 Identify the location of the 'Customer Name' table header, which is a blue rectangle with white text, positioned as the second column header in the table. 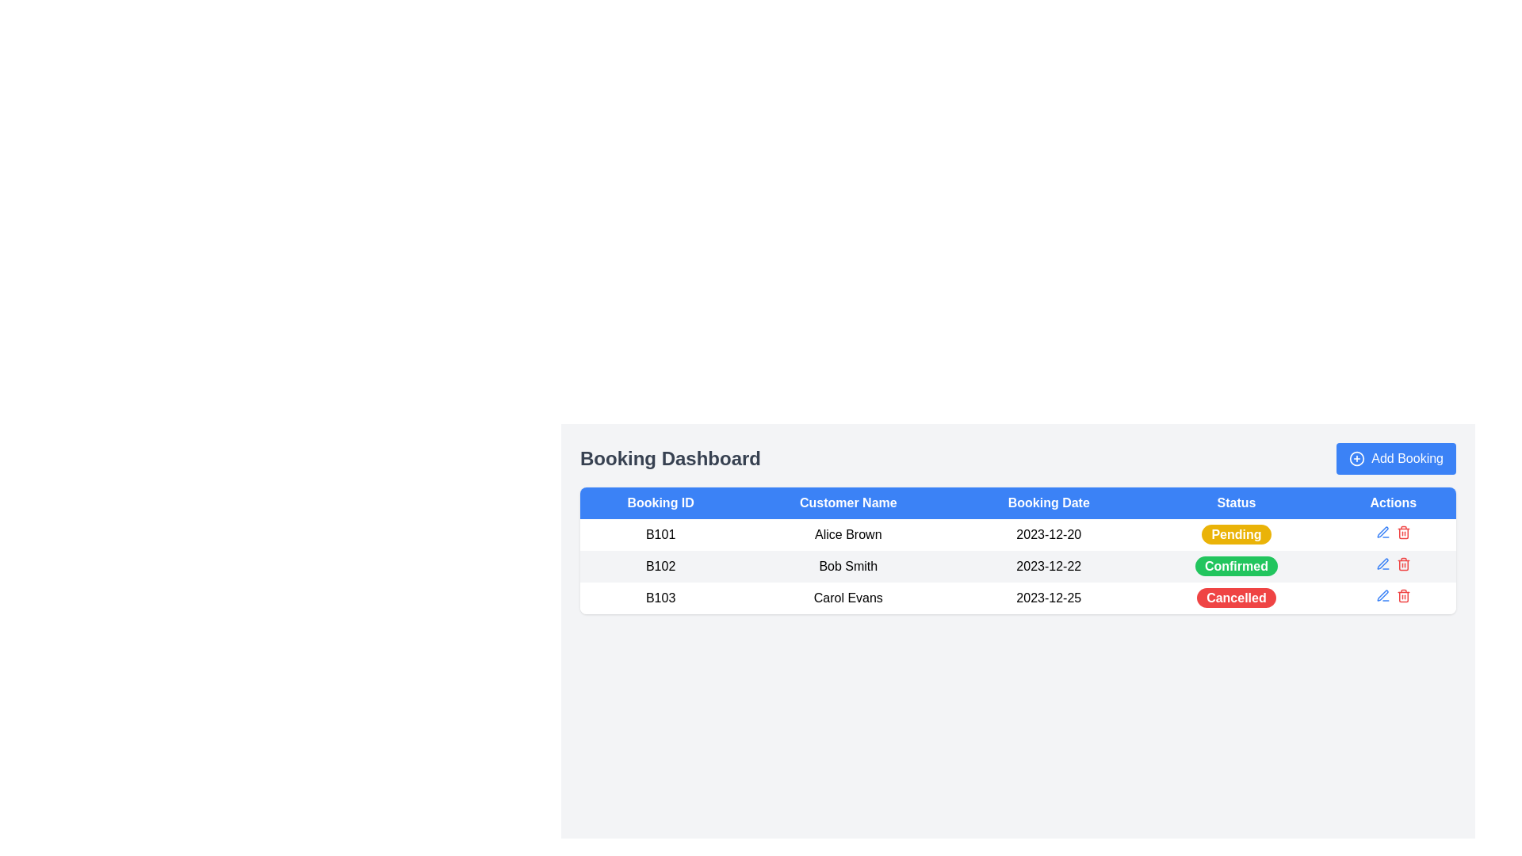
(847, 503).